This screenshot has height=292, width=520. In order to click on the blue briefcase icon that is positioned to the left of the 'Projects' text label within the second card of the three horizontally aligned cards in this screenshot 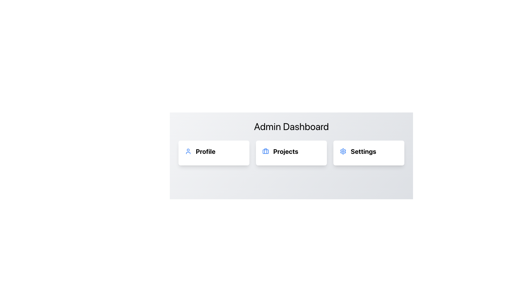, I will do `click(265, 151)`.